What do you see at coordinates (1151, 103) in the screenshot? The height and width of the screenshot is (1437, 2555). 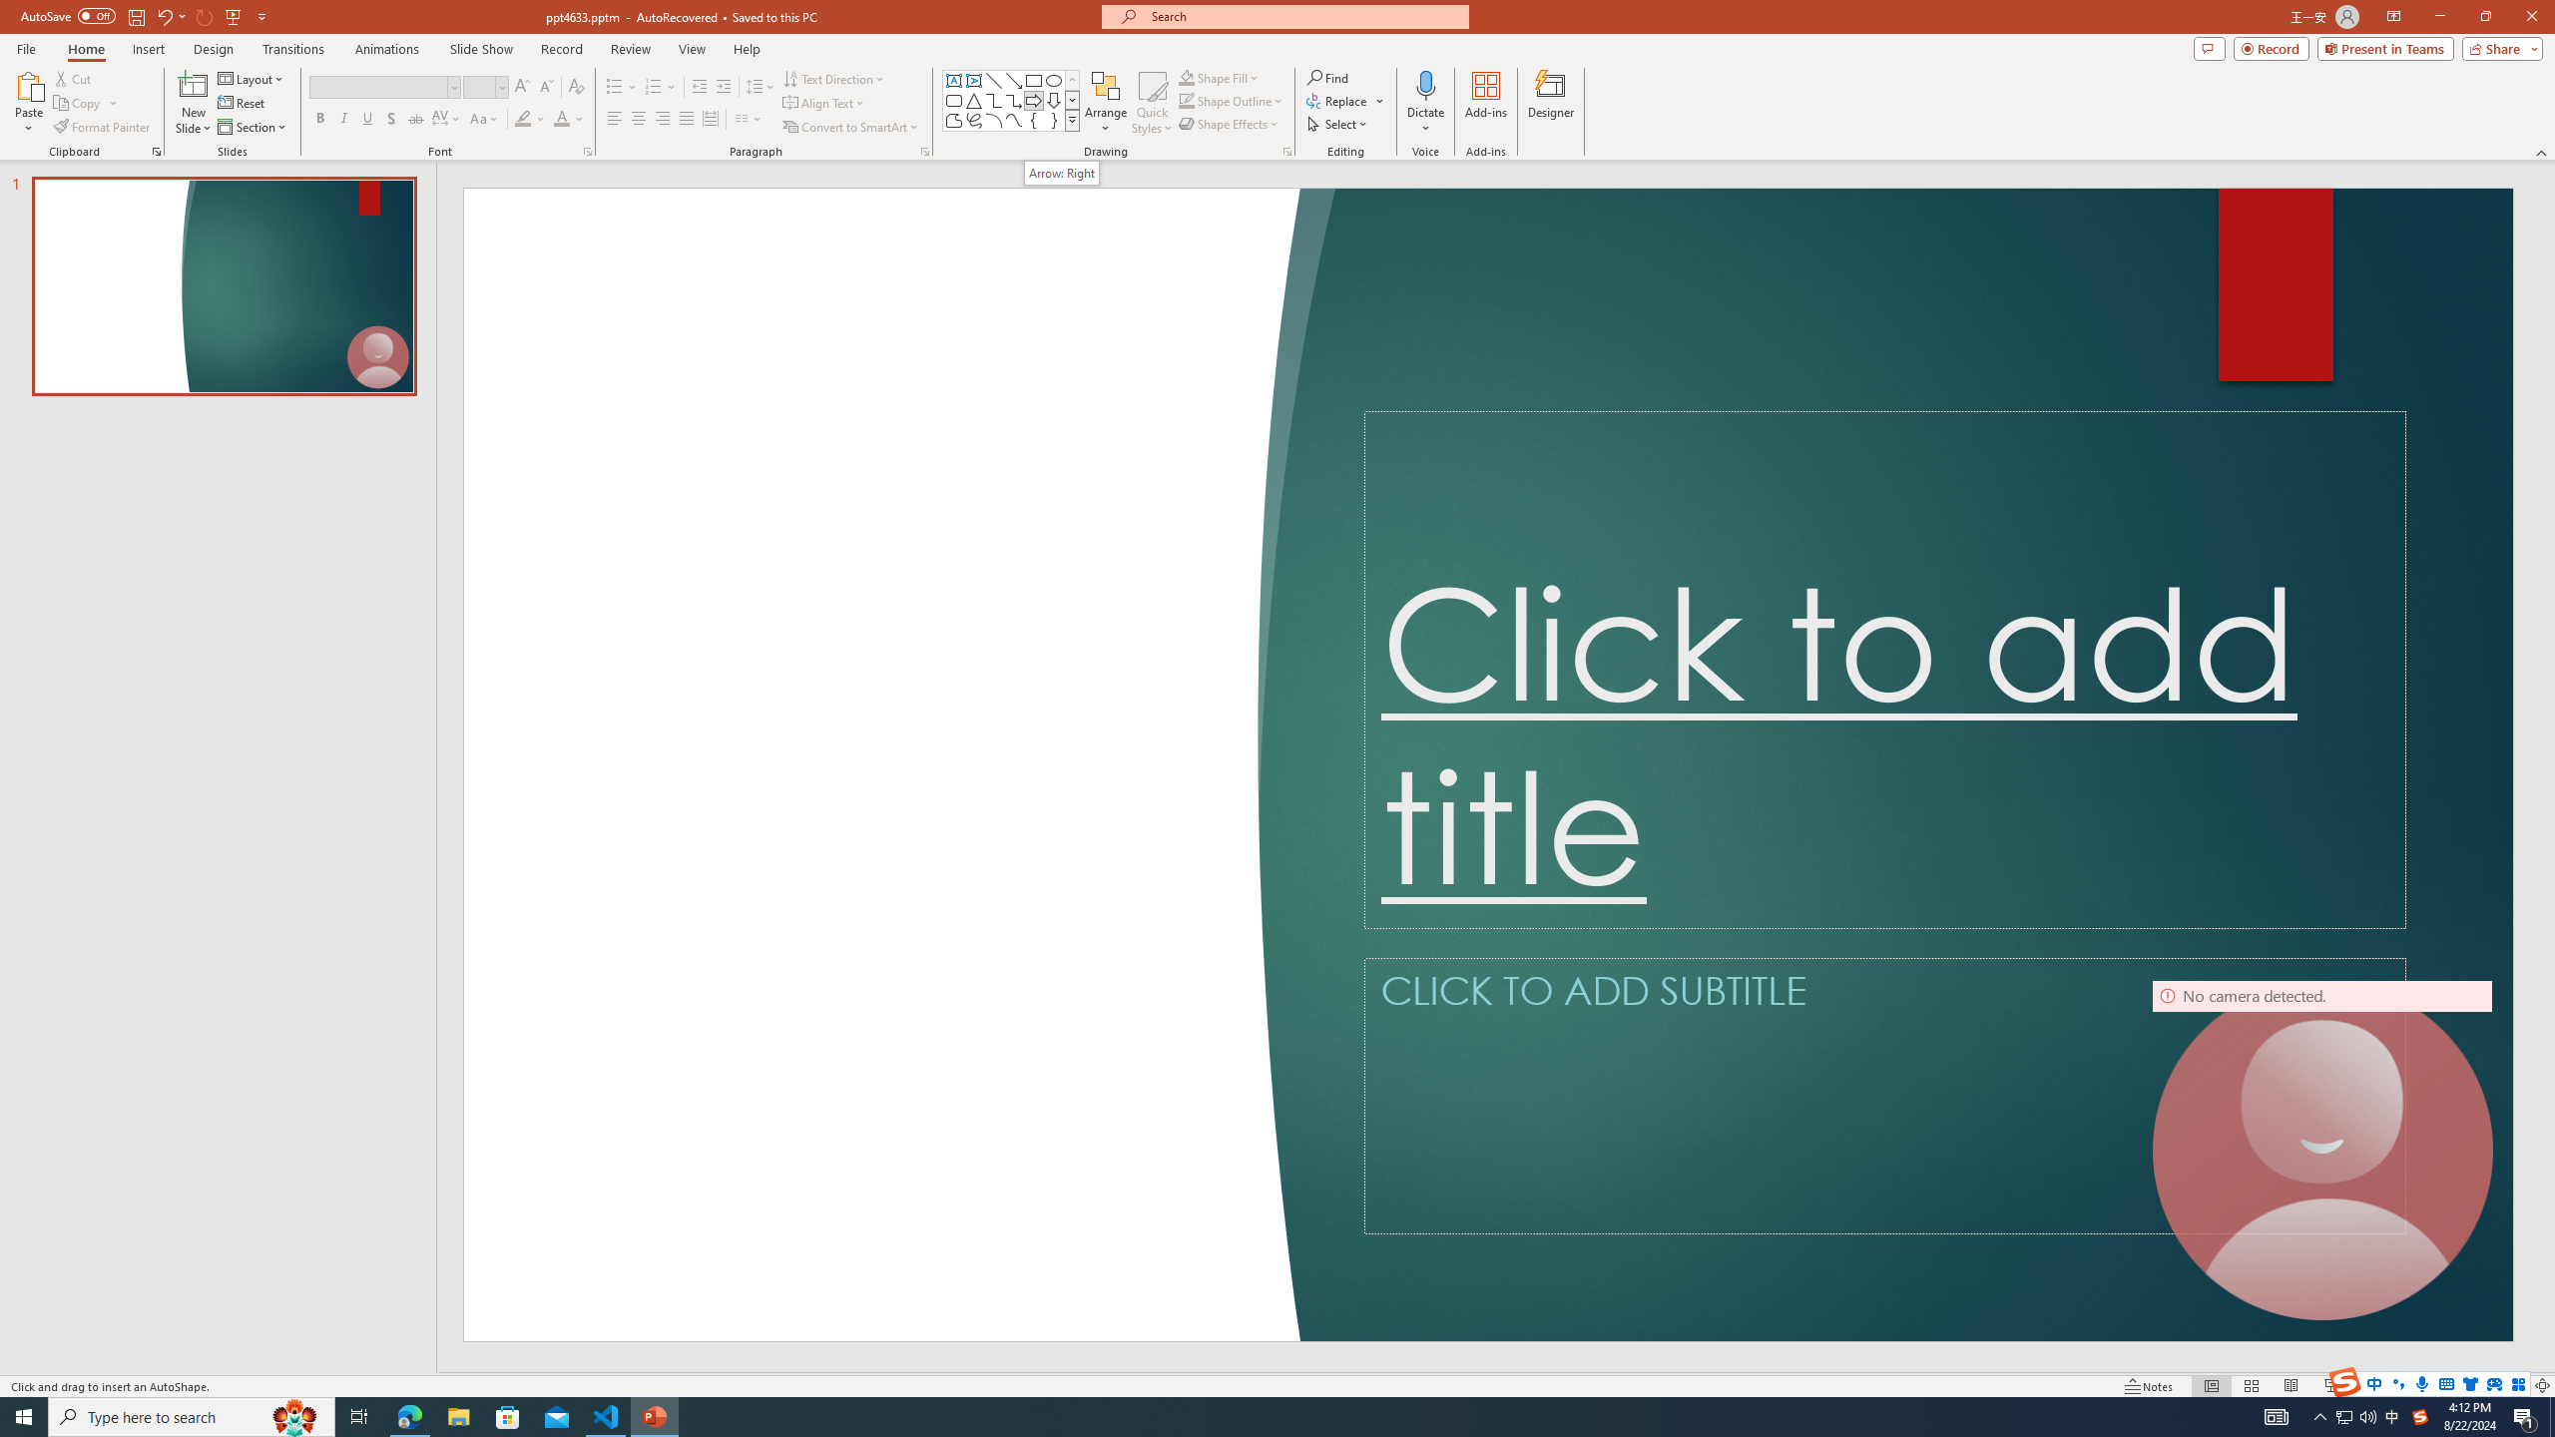 I see `'Quick Styles'` at bounding box center [1151, 103].